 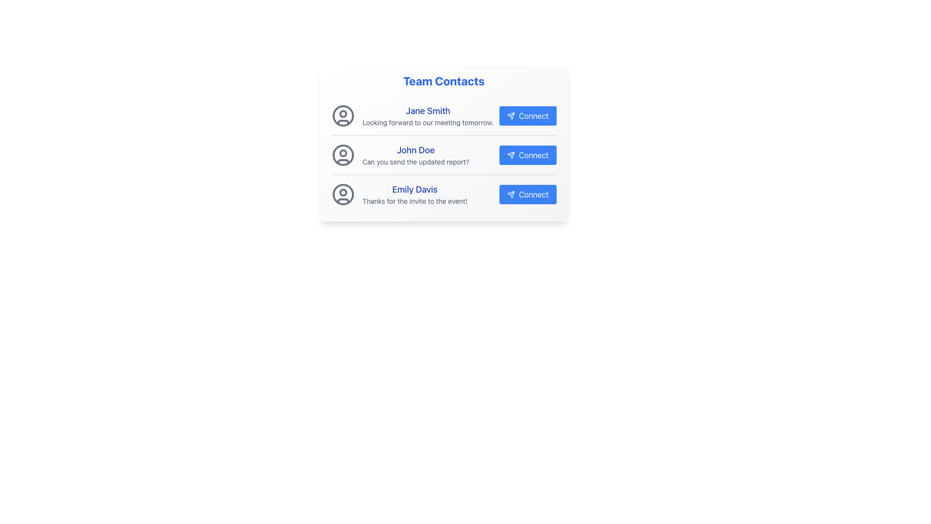 I want to click on the decorative status indicator circle located at the center of the profile icon next to 'Jane Smith' in the 'Team Contacts' section, so click(x=343, y=114).